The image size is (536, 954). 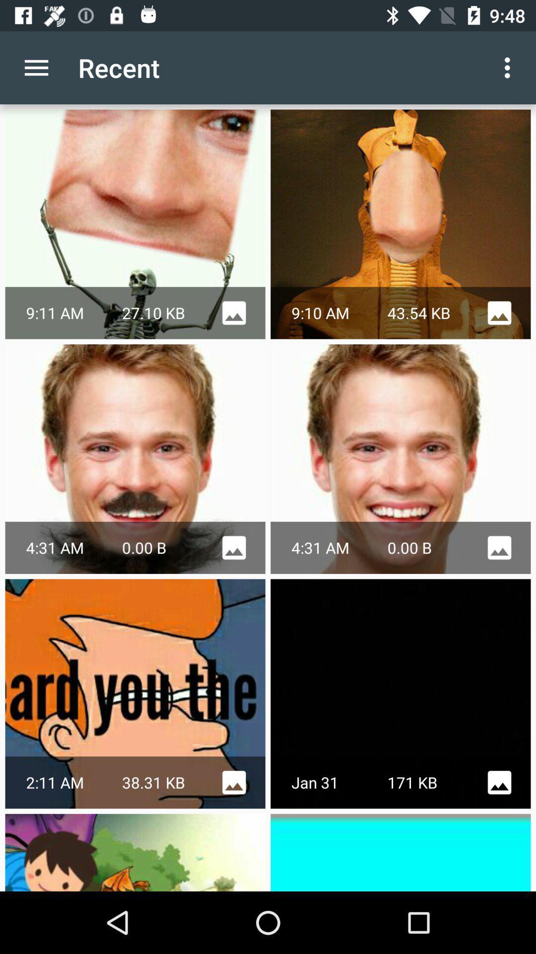 I want to click on icon to the right of the recent item, so click(x=510, y=67).